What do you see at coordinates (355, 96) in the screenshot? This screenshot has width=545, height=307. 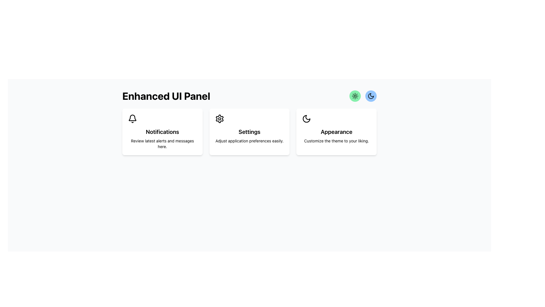 I see `the Light Mode toggle icon located within the green circular button next to the moon icon in the upper right corner of the interface` at bounding box center [355, 96].